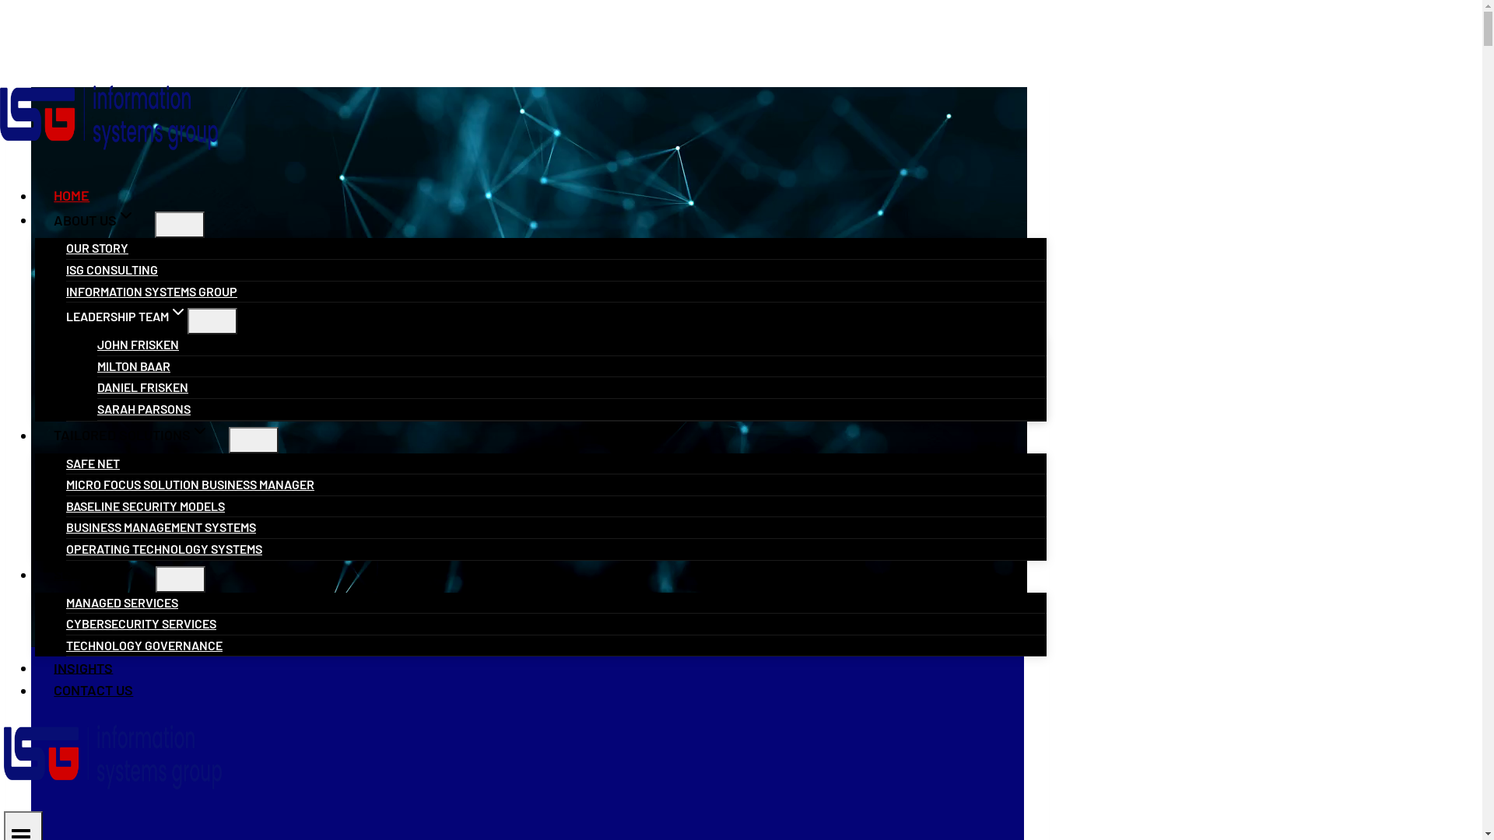  What do you see at coordinates (5, 61) in the screenshot?
I see `'Skip to content'` at bounding box center [5, 61].